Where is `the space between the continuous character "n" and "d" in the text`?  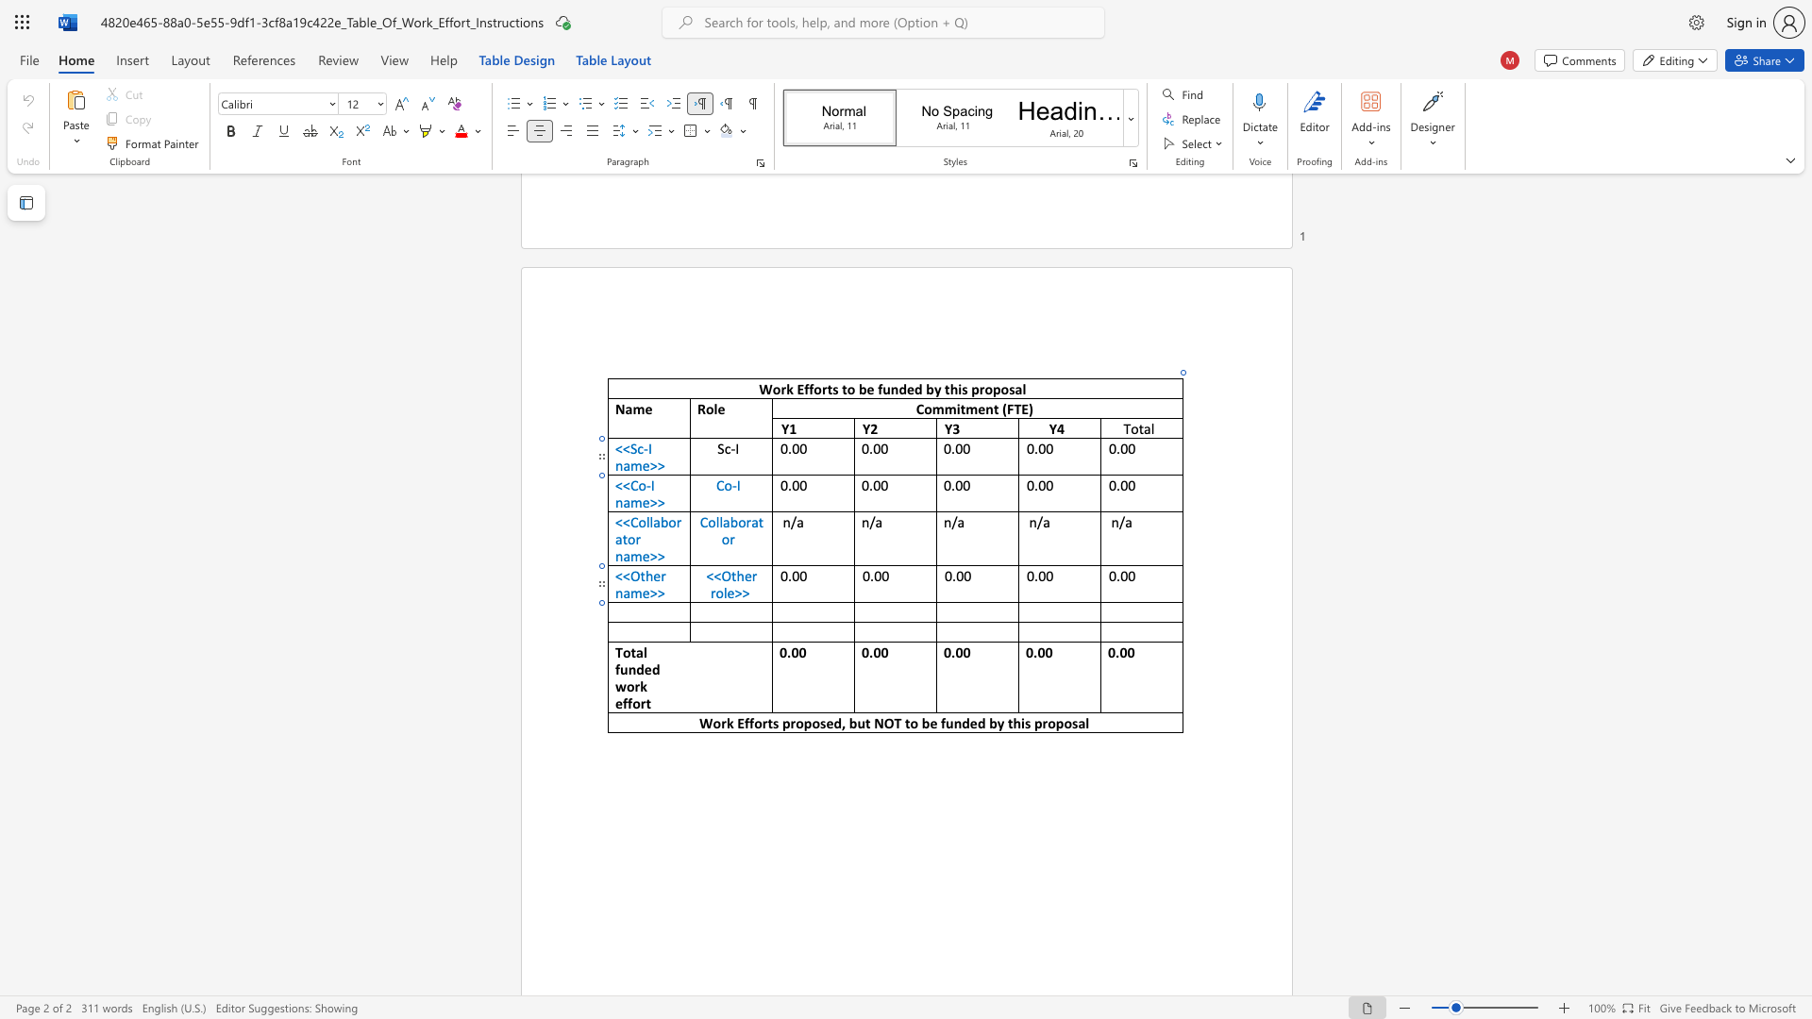 the space between the continuous character "n" and "d" in the text is located at coordinates (636, 668).